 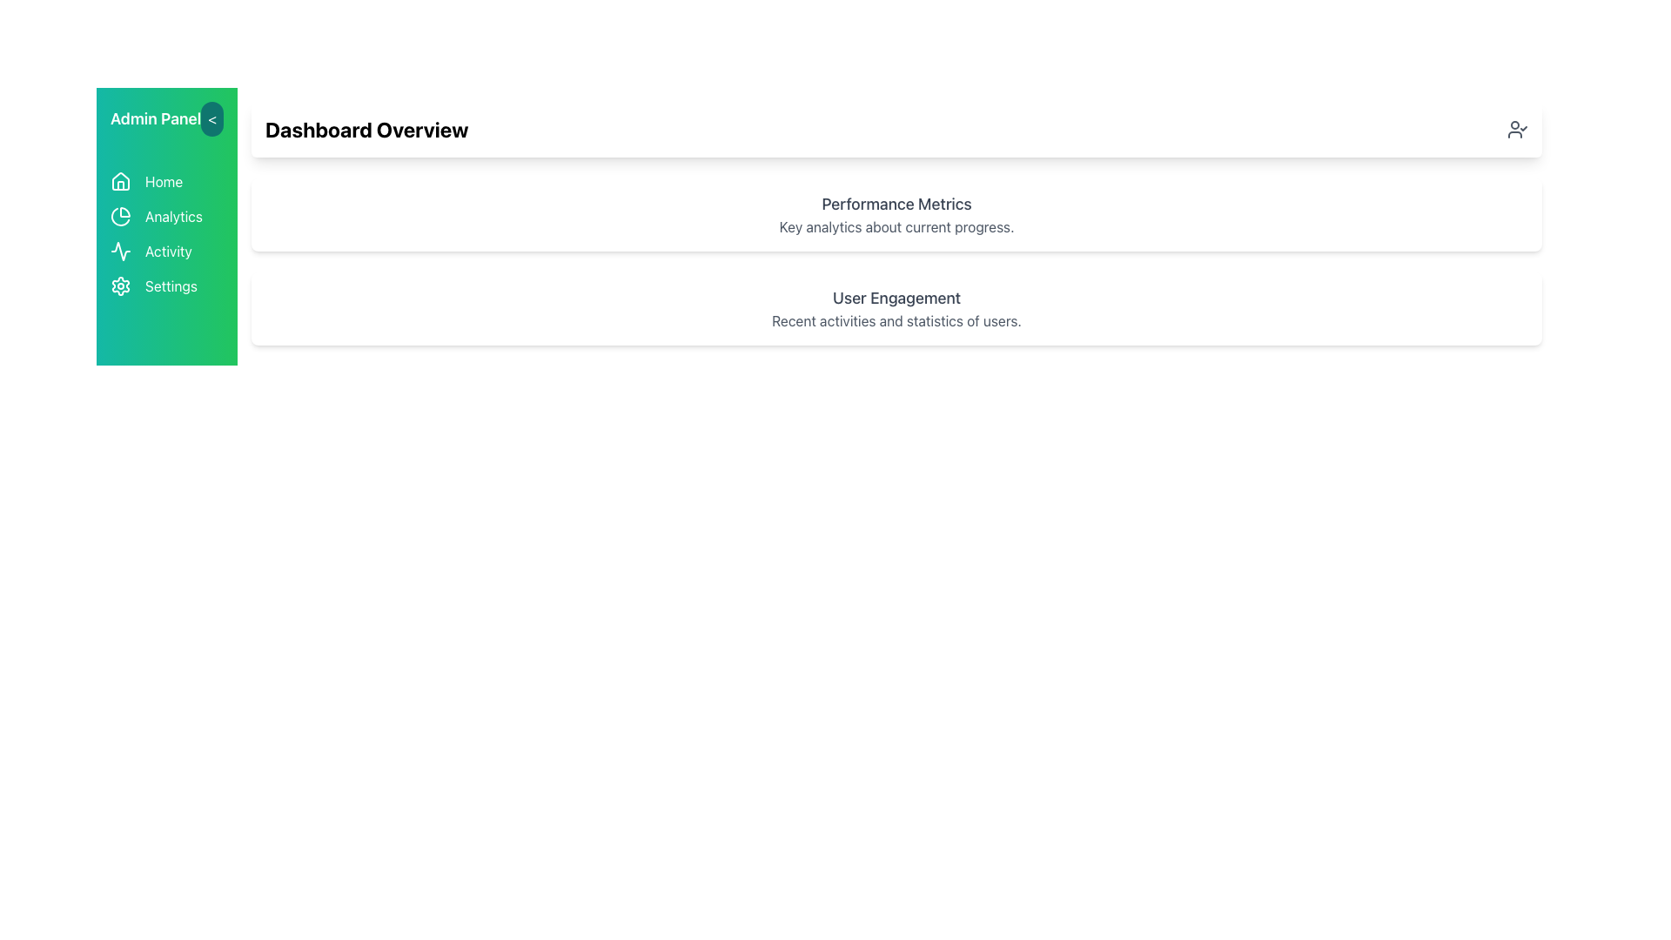 What do you see at coordinates (366, 129) in the screenshot?
I see `the 'Dashboard Overview' header text, which is prominently displayed in bold, large font at the top section of the content area` at bounding box center [366, 129].